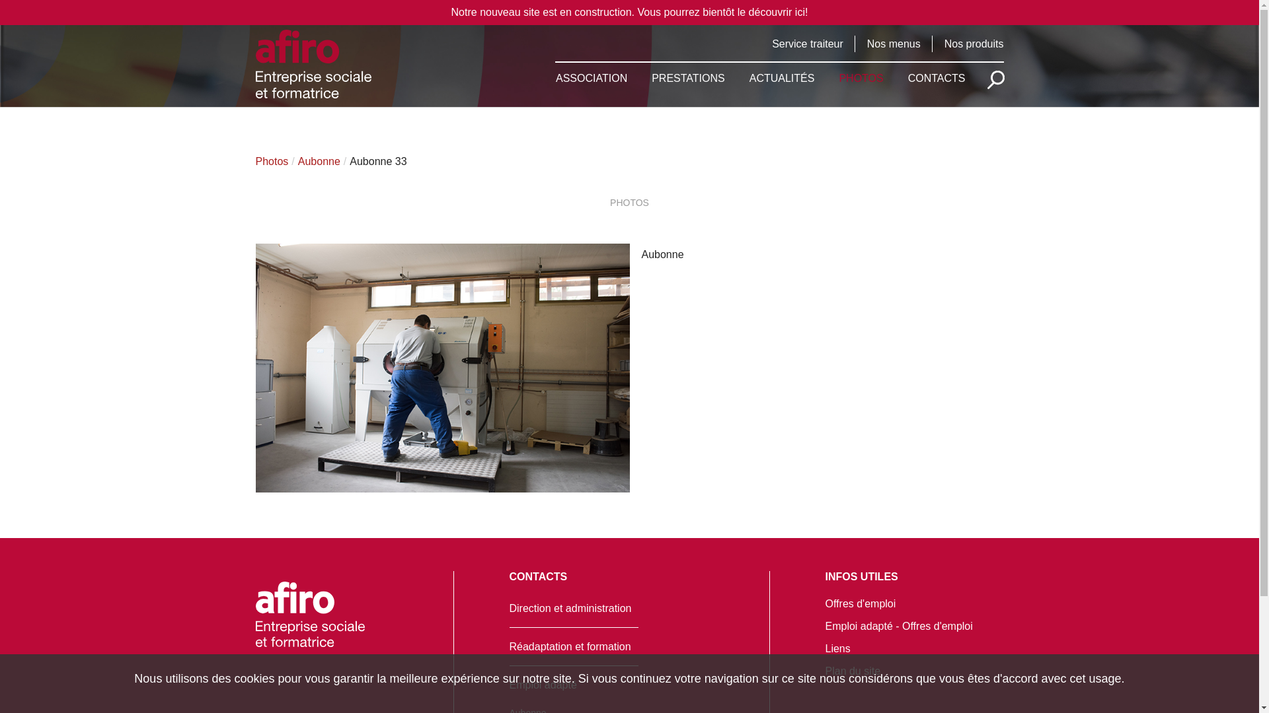 The image size is (1269, 713). Describe the element at coordinates (853, 671) in the screenshot. I see `'Plan du site'` at that location.